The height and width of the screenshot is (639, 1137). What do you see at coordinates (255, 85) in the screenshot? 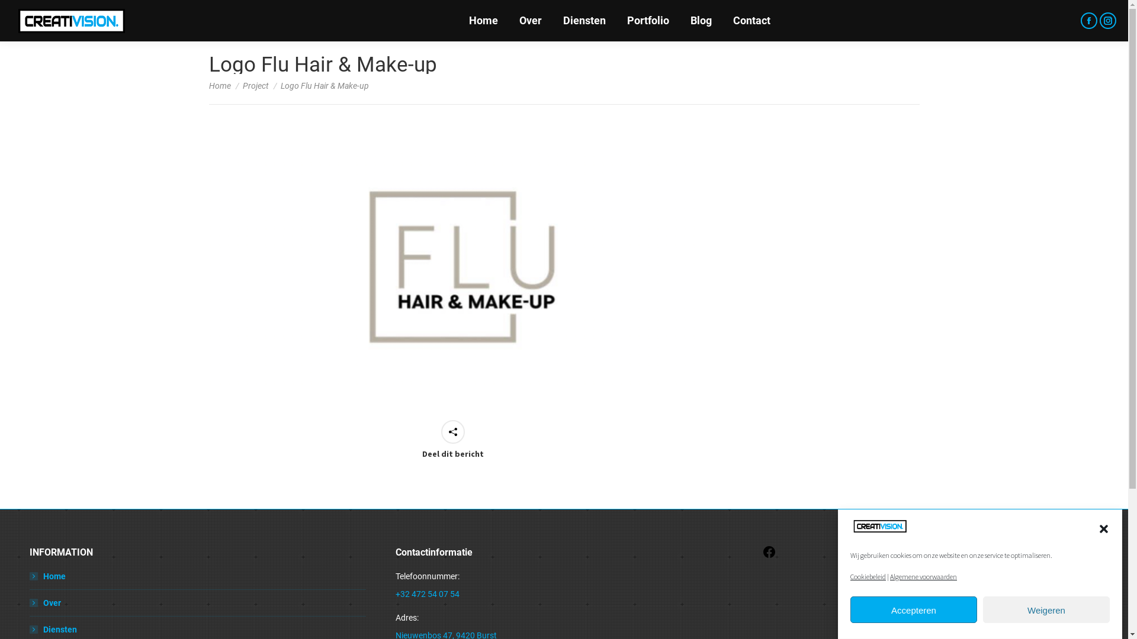
I see `'Project'` at bounding box center [255, 85].